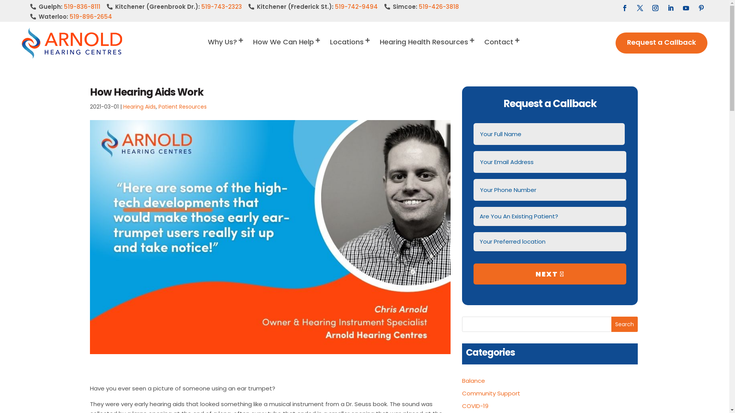 The image size is (735, 413). What do you see at coordinates (350, 49) in the screenshot?
I see `'Locations'` at bounding box center [350, 49].